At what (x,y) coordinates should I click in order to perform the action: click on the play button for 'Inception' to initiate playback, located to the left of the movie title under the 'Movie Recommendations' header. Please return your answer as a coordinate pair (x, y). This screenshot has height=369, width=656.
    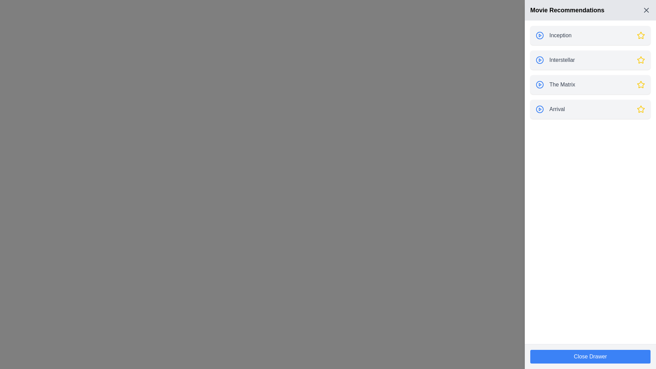
    Looking at the image, I should click on (539, 36).